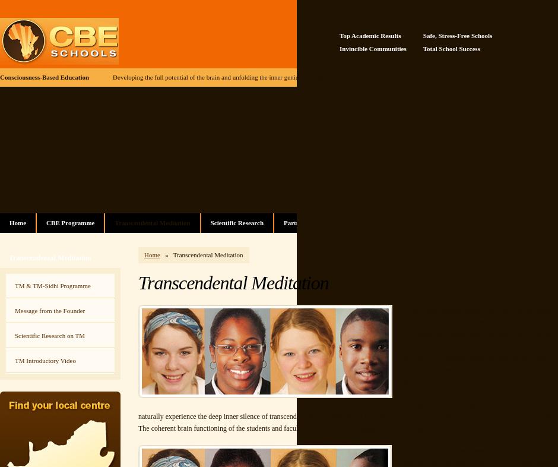 The width and height of the screenshot is (558, 467). What do you see at coordinates (50, 335) in the screenshot?
I see `'Scientific Research on TM'` at bounding box center [50, 335].